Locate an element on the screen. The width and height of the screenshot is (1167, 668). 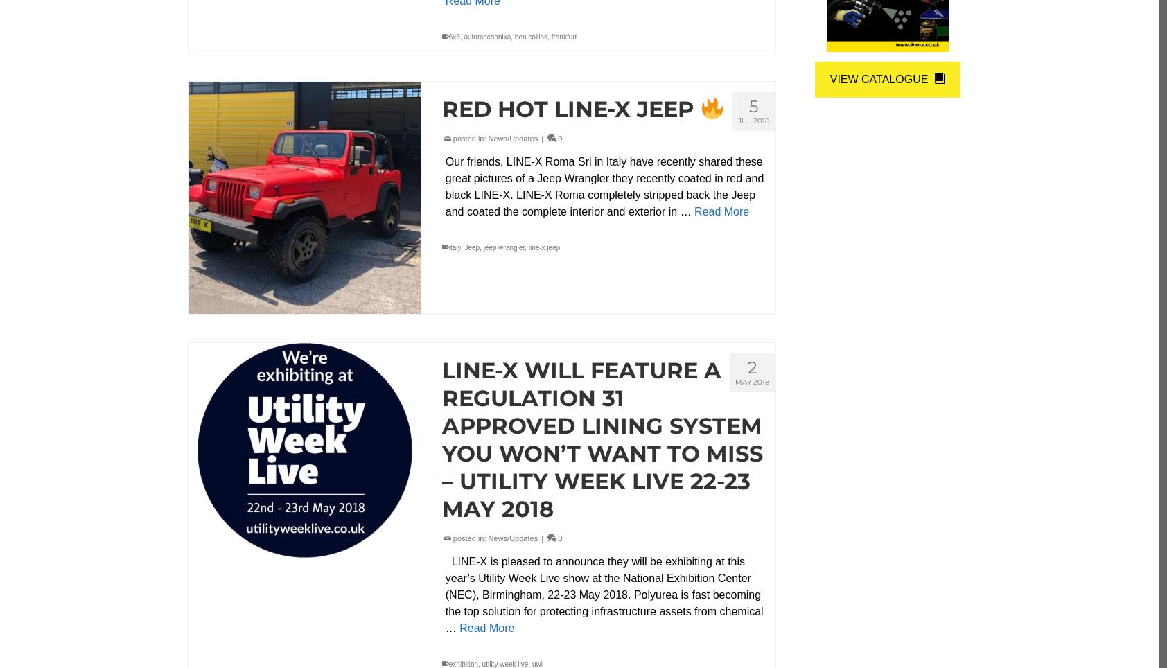
'May 2018' is located at coordinates (752, 381).